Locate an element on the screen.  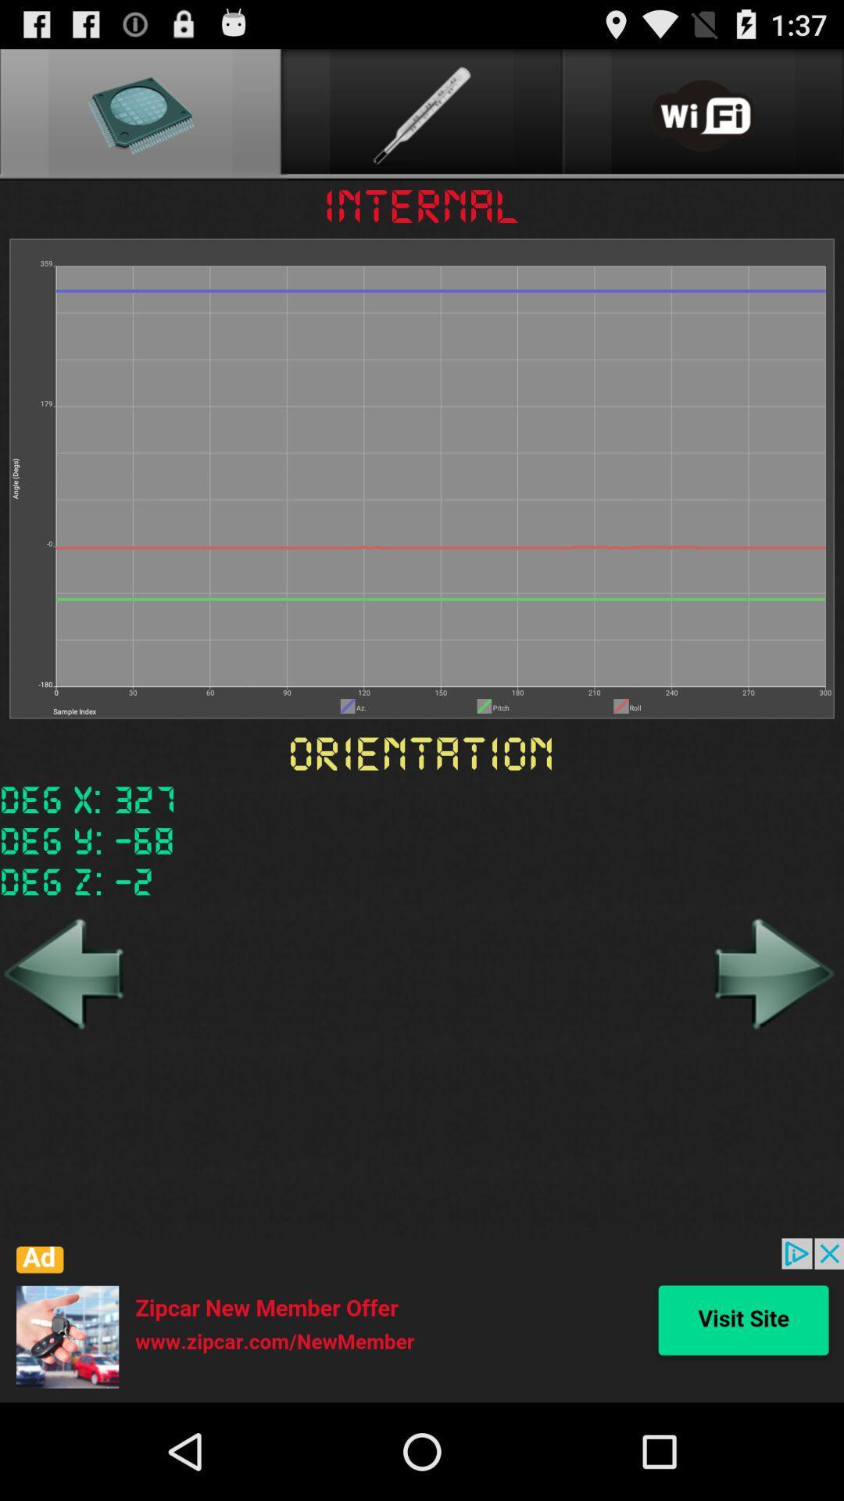
forward arrow is located at coordinates (771, 973).